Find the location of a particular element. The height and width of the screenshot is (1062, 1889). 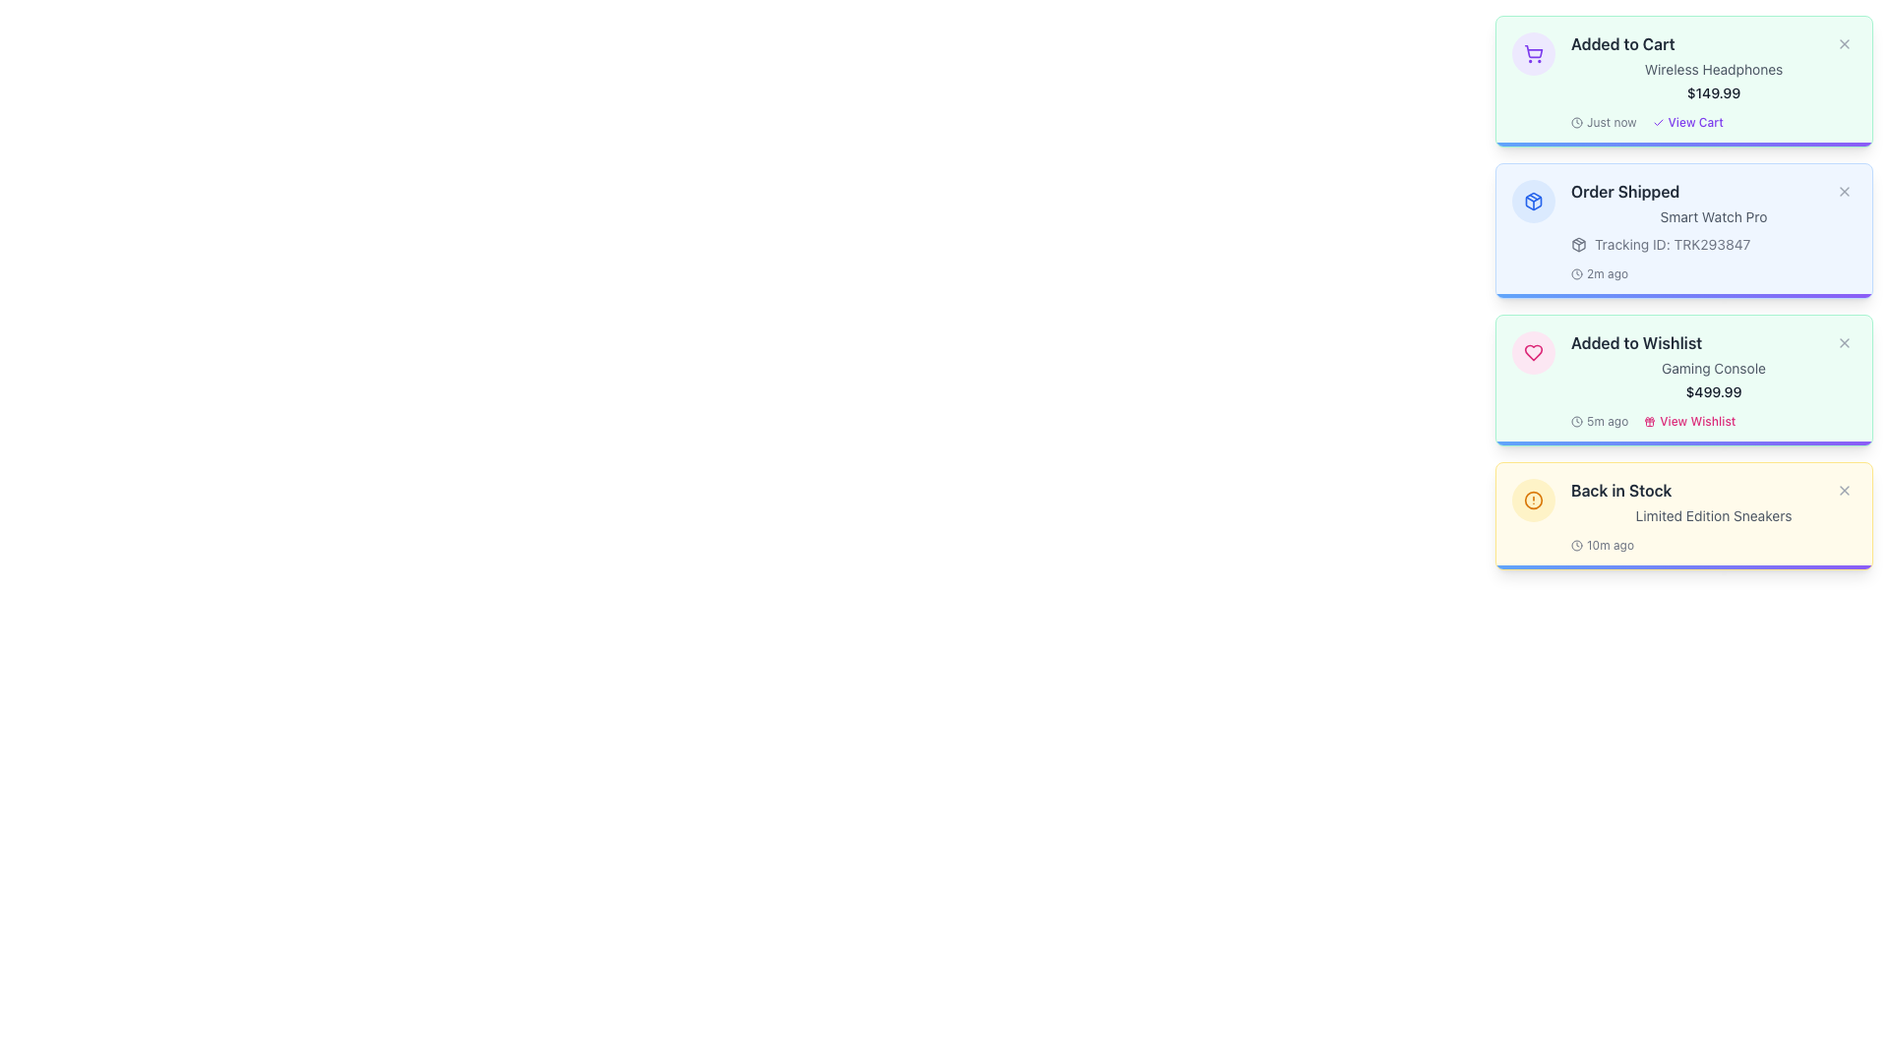

the 'View Wishlist' button located in the 'Added to Wishlist' section is located at coordinates (1688, 420).